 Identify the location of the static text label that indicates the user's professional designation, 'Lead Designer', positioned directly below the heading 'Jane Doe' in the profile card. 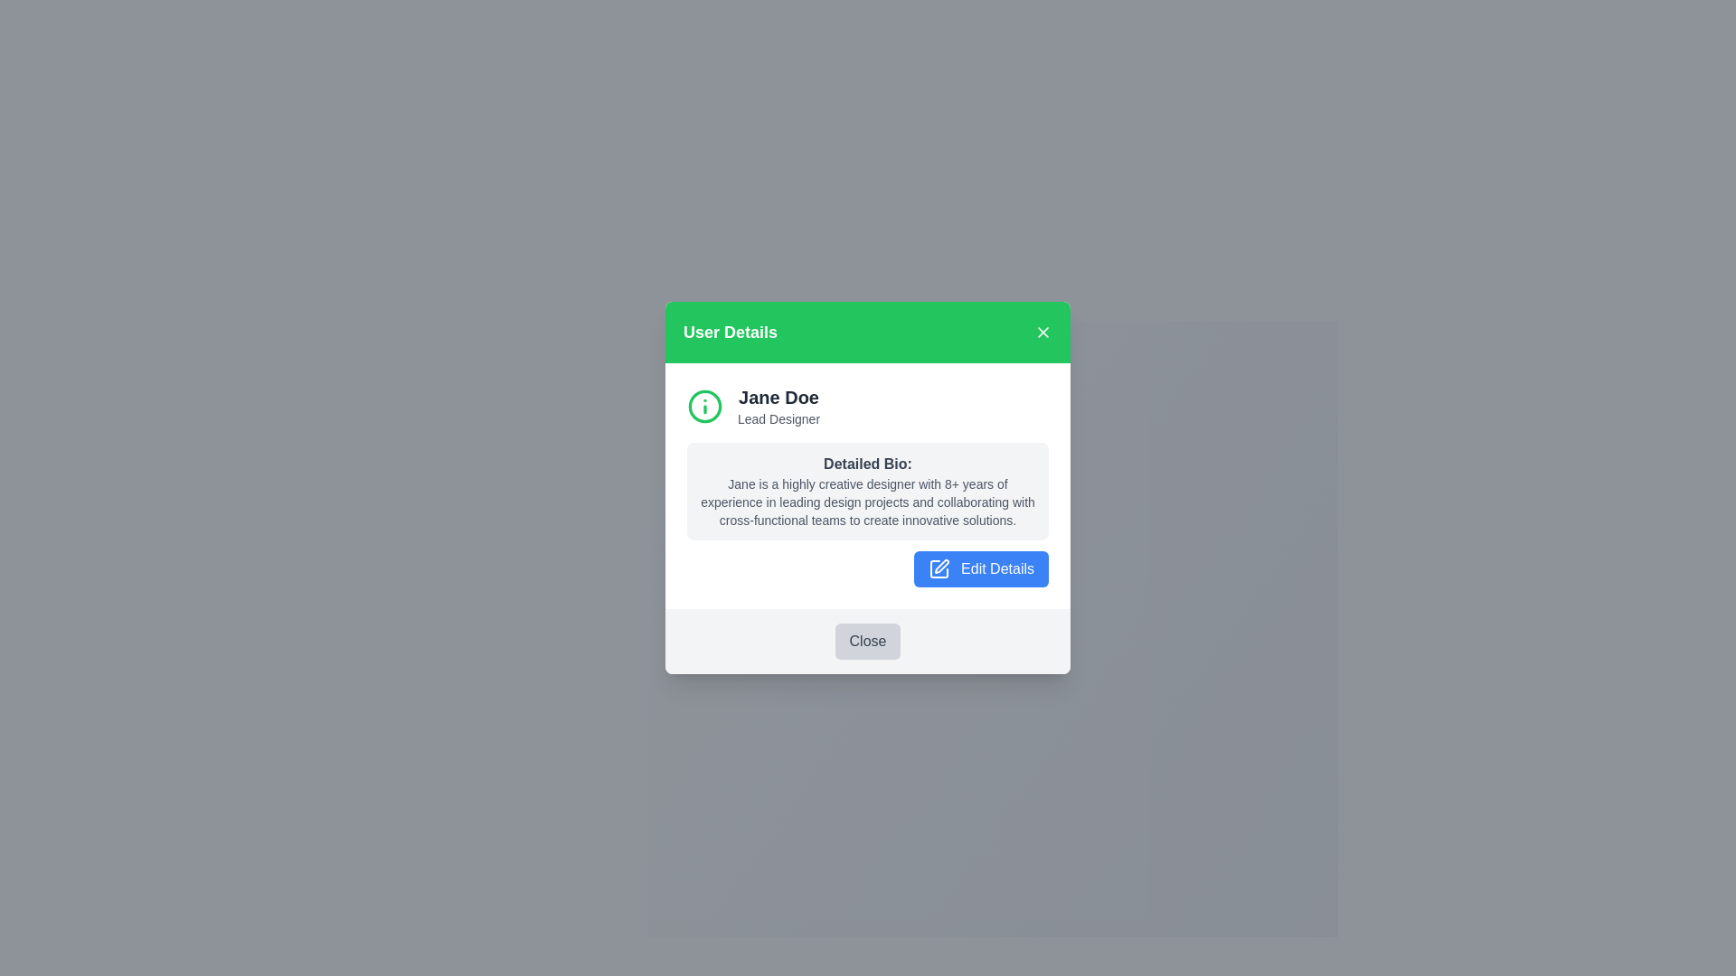
(778, 418).